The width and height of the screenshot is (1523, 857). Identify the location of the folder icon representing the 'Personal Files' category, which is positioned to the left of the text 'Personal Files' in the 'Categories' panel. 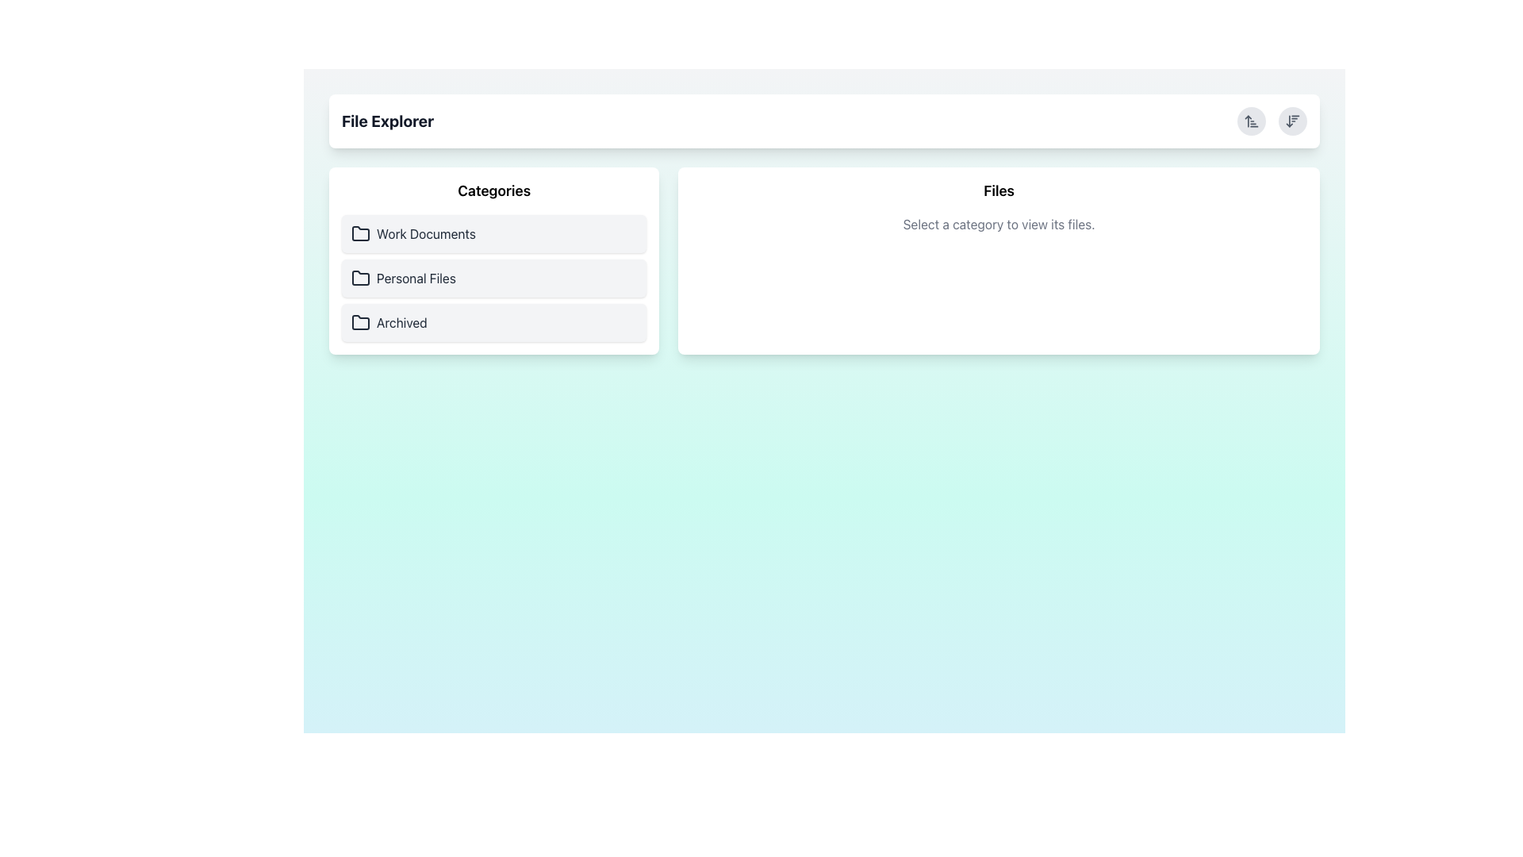
(360, 278).